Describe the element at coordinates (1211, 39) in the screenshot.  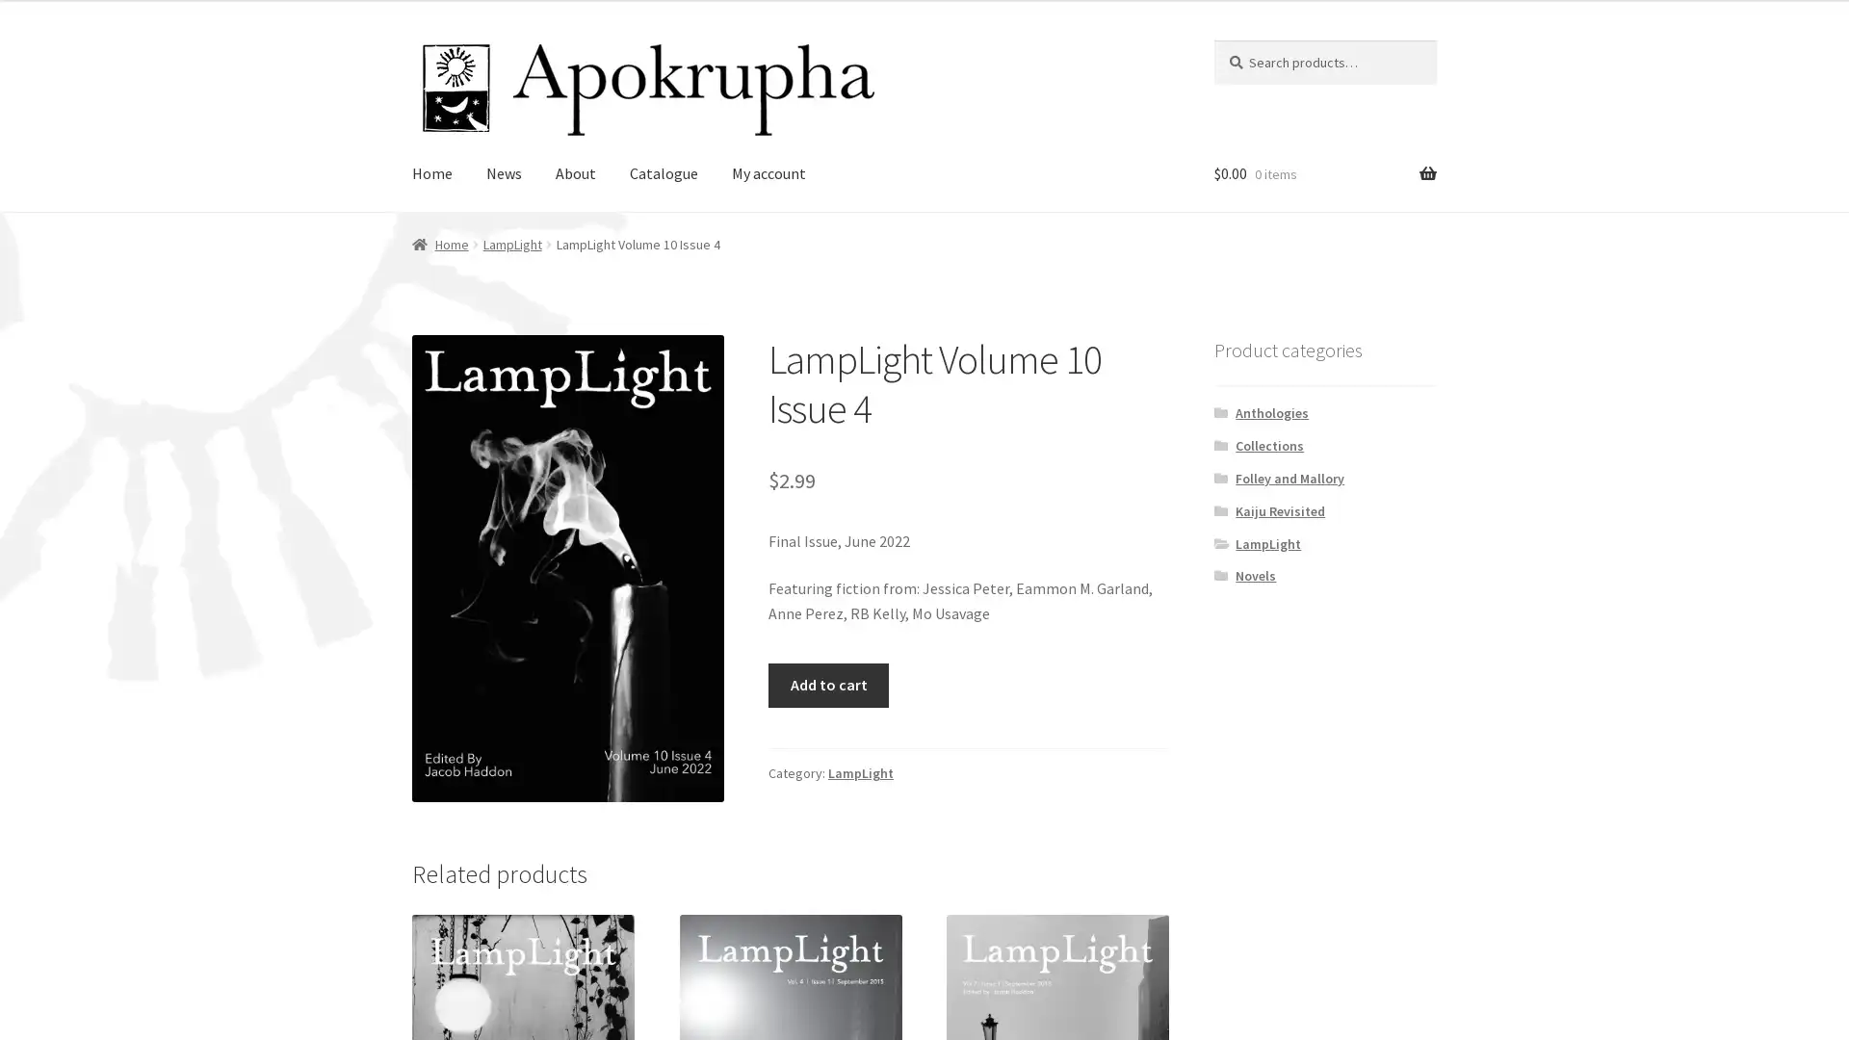
I see `Search` at that location.